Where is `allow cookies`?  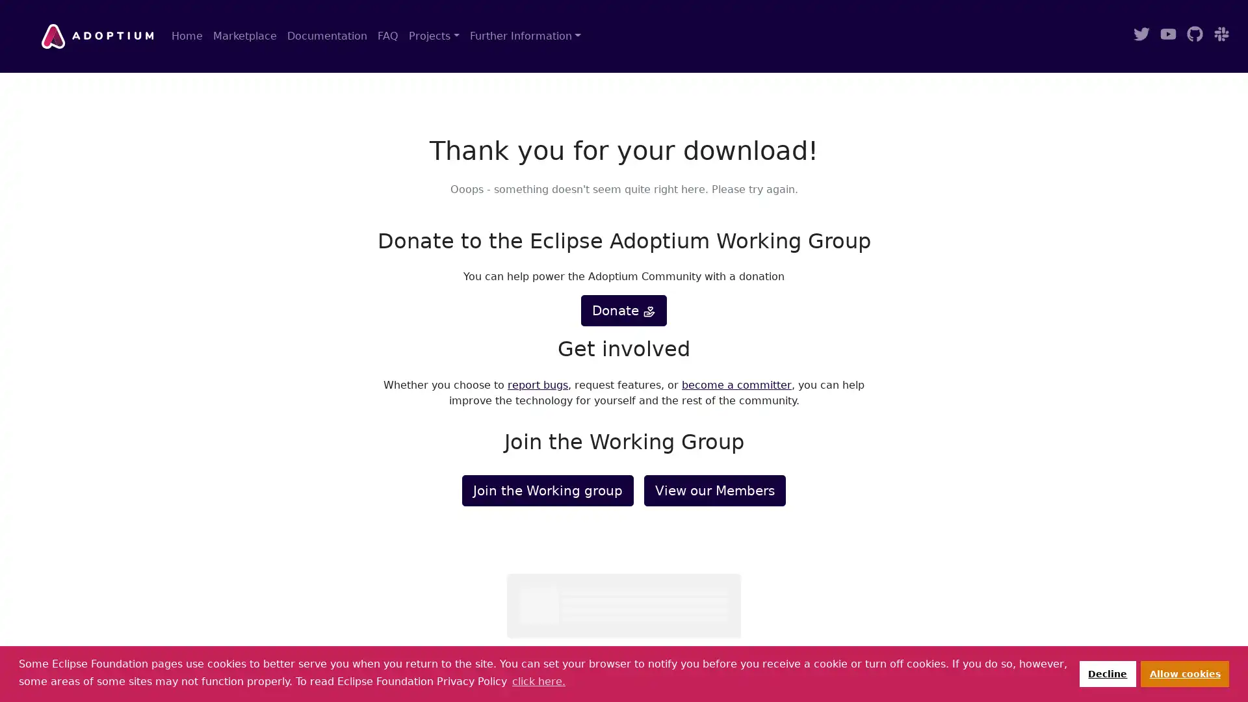
allow cookies is located at coordinates (1185, 673).